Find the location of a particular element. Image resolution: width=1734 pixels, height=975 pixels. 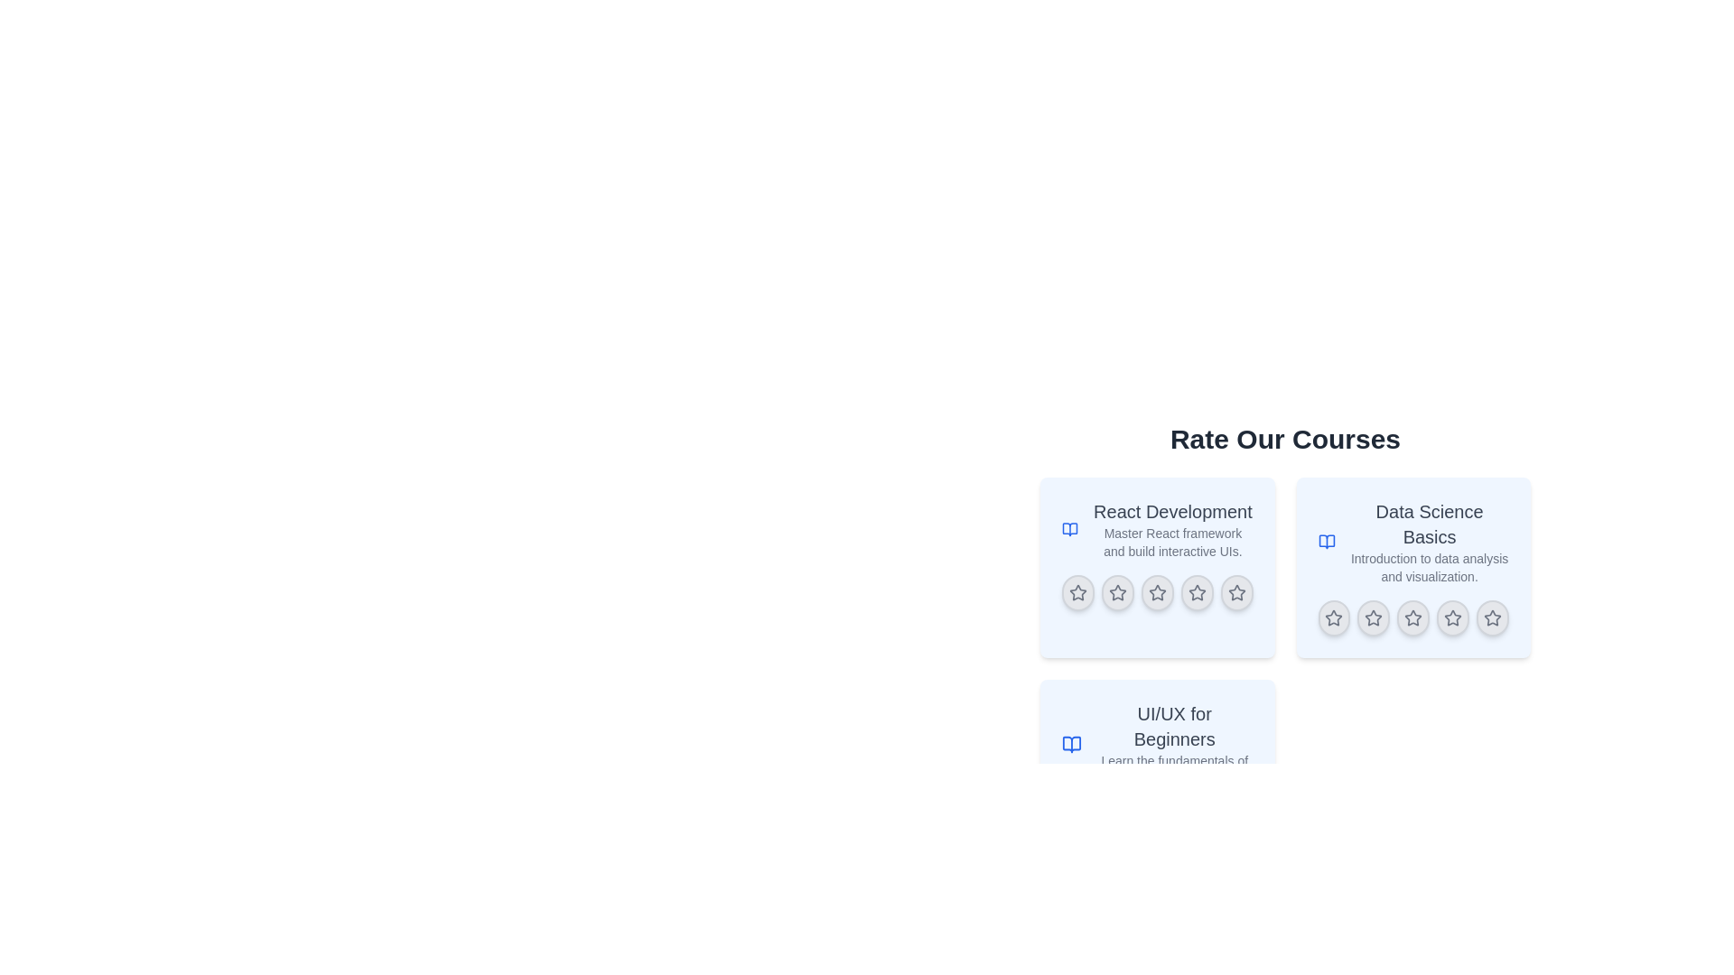

the stylized star icon outlined with dark gray within the circular button in the 'Rate Our Courses' section for the 'Data Science Basics' course card to rate it is located at coordinates (1412, 617).